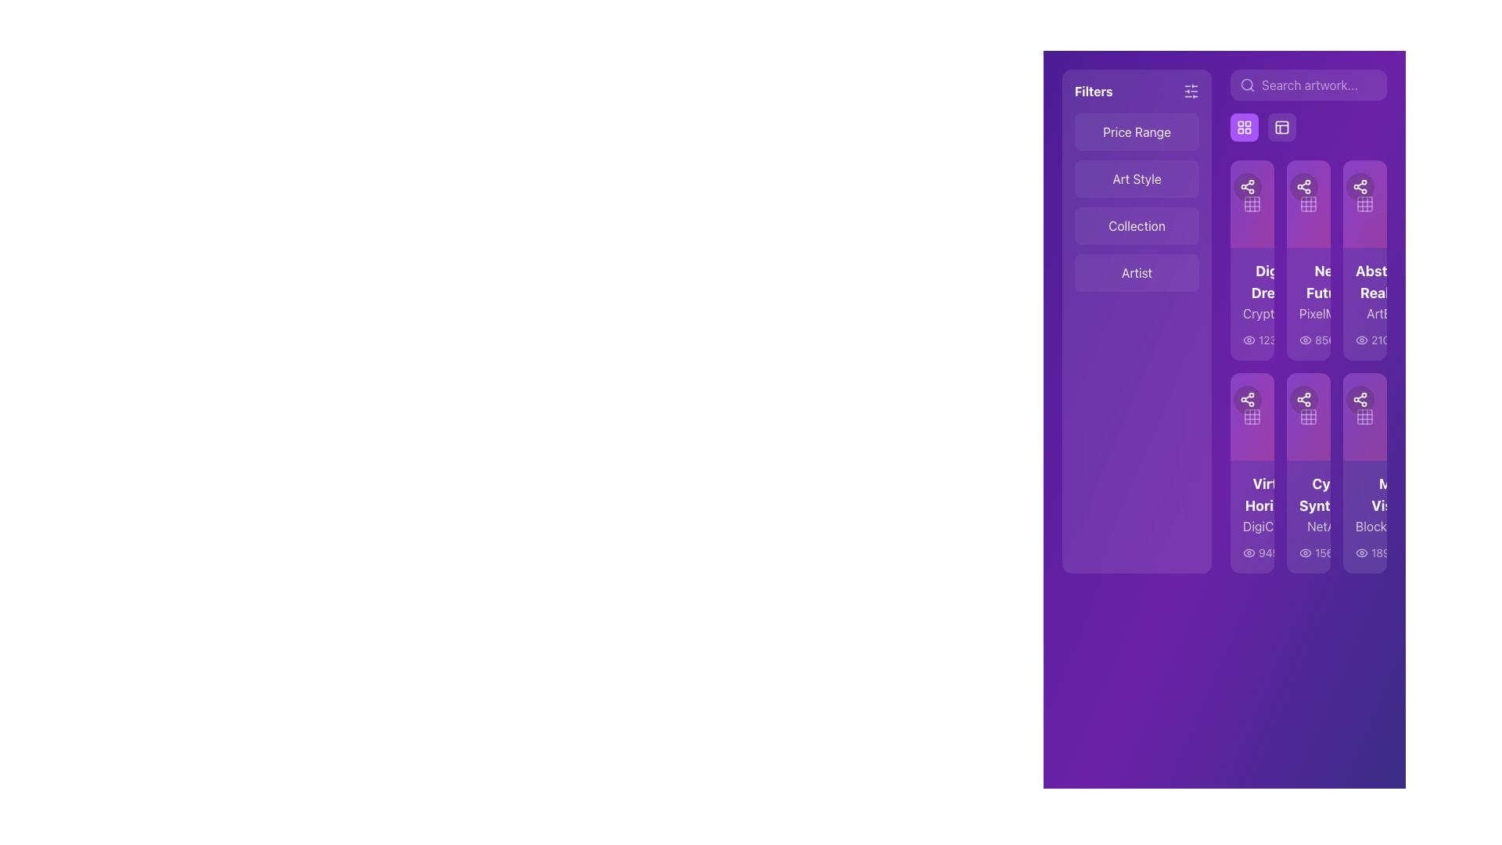 The height and width of the screenshot is (845, 1502). I want to click on the text element displaying '85667' with an eye icon prefix, located below the 'Neon Futures' header in the second column of the grid, so click(1309, 340).